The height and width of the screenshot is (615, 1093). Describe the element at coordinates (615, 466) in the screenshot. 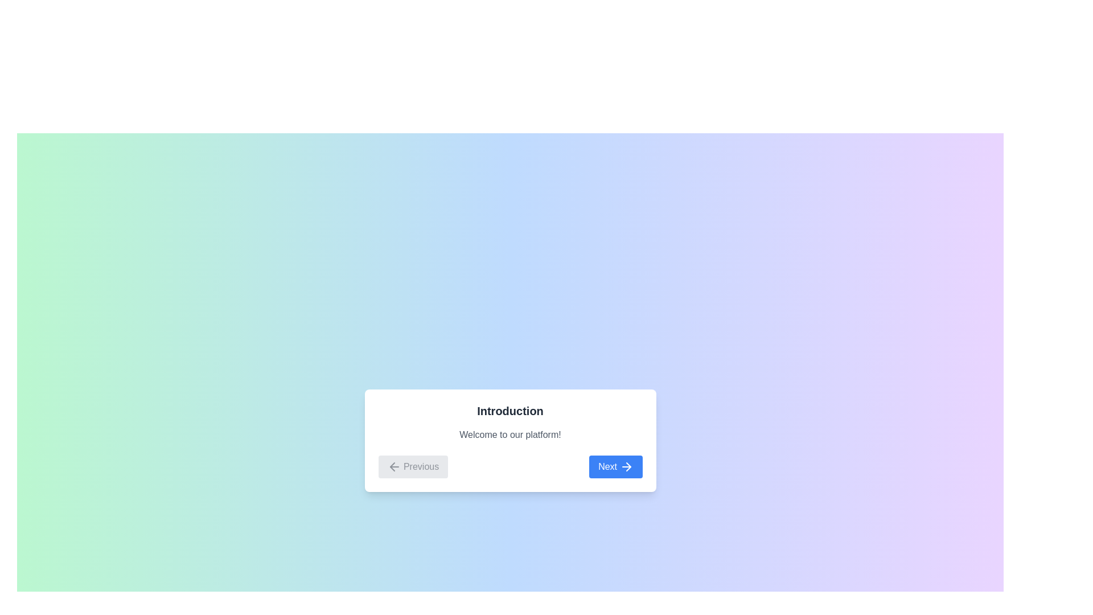

I see `the vibrant blue button labeled 'Next' with a rightward arrow icon` at that location.